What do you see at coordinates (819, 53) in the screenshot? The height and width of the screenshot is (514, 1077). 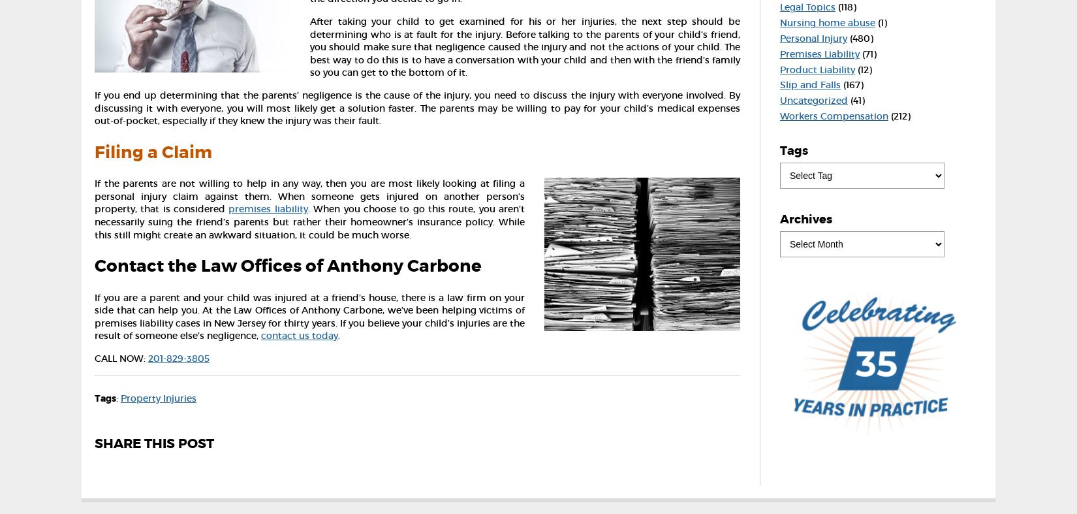 I see `'Premises Liability'` at bounding box center [819, 53].